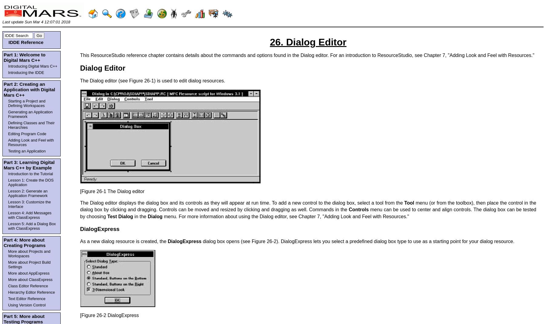 This screenshot has height=324, width=546. Describe the element at coordinates (140, 216) in the screenshot. I see `'in the'` at that location.